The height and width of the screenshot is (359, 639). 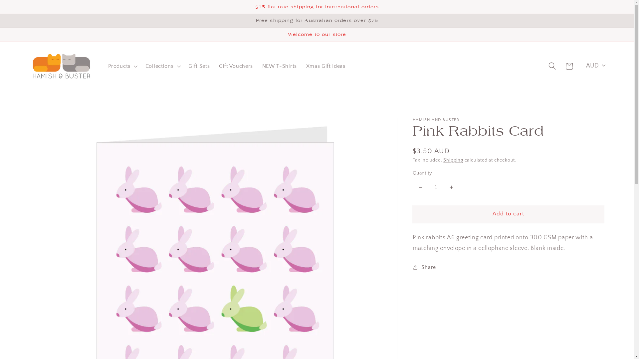 What do you see at coordinates (52, 126) in the screenshot?
I see `'Skip to product information'` at bounding box center [52, 126].